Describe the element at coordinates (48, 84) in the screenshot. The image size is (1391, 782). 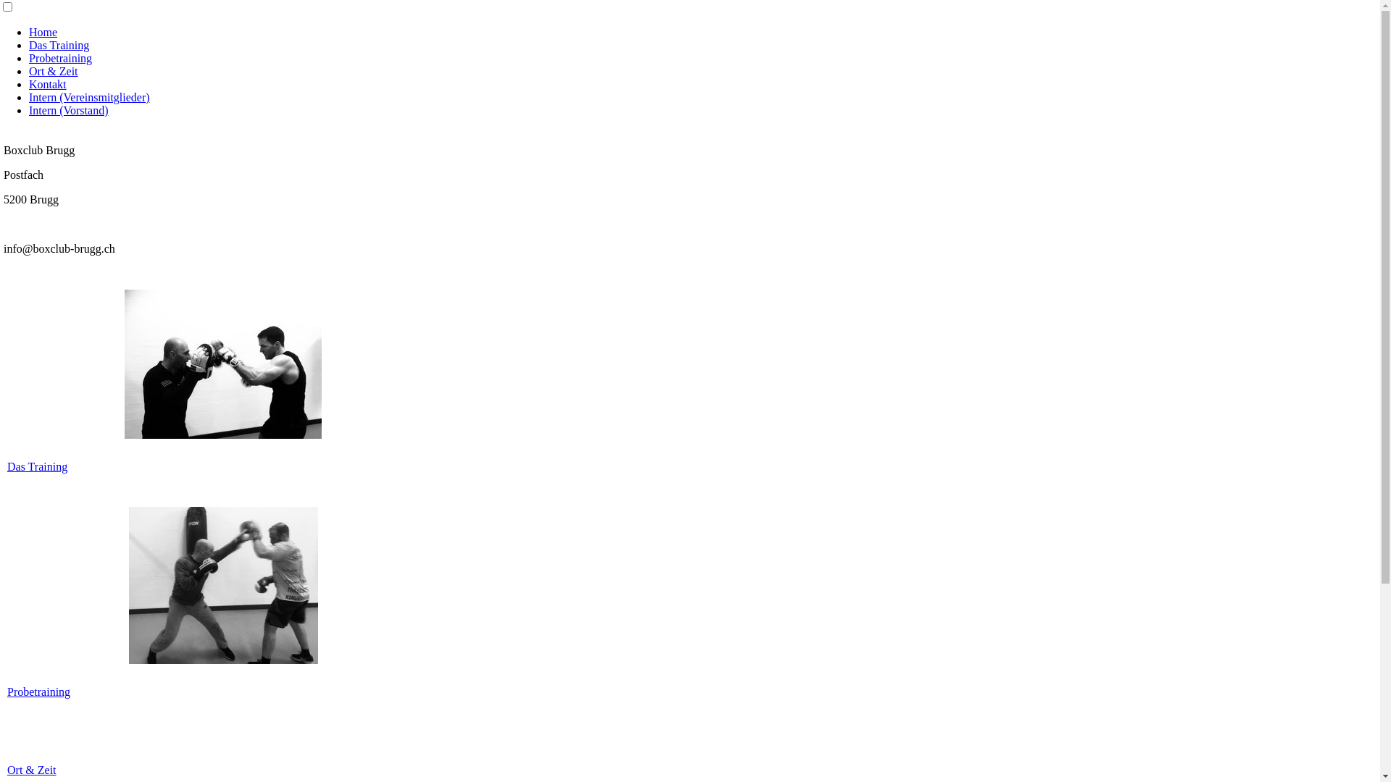
I see `'Kontakt'` at that location.